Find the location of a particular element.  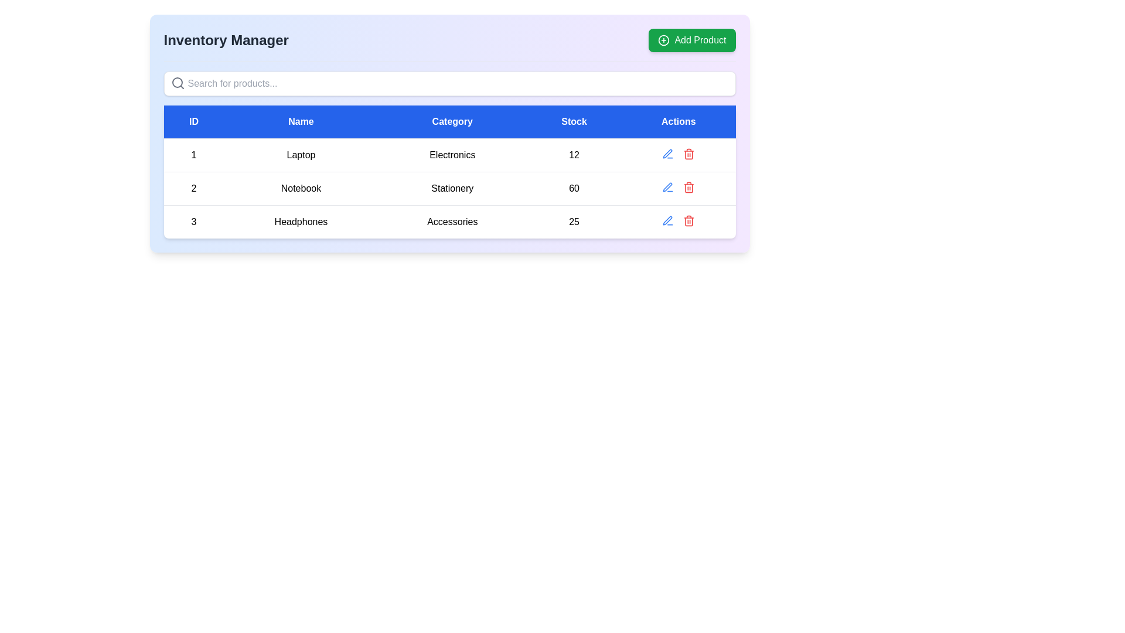

the circular graphic element of the magnifying glass icon, which is centered within the icon located in the upper-left corner of the search bar is located at coordinates (176, 82).